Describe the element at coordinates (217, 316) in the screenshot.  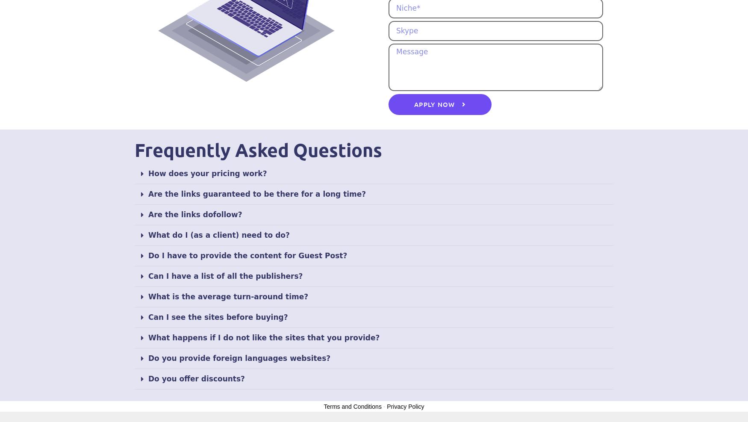
I see `'Can I see the sites before buying?'` at that location.